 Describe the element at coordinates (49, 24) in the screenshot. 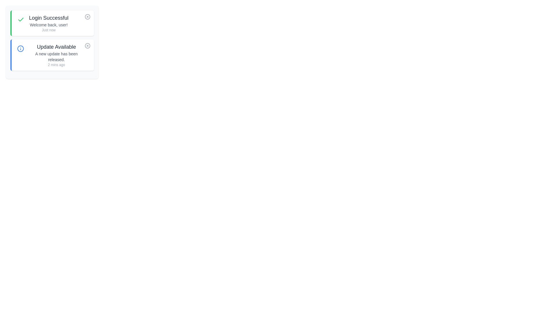

I see `the Label/Text displaying 'Welcome back, user!' which is located in the notification card below the 'Login Successful' text` at that location.